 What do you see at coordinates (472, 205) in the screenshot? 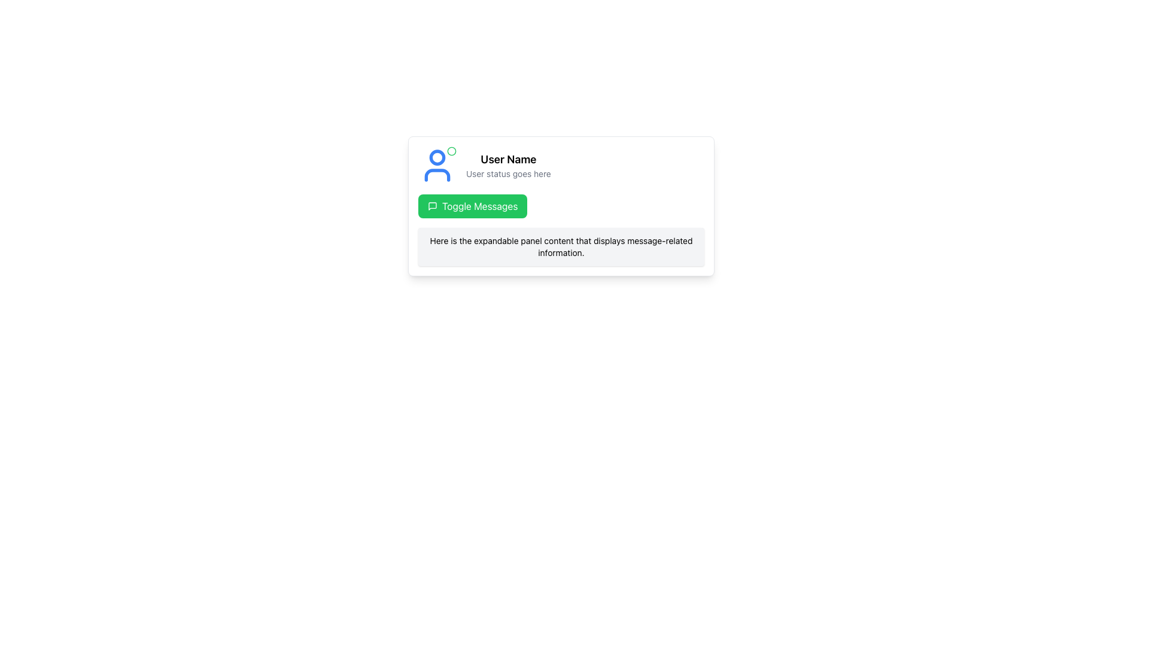
I see `the 'Toggle Messages' button, which is a rectangular green button with rounded corners and white text, located below the user profile section and to the left of the message panel` at bounding box center [472, 205].